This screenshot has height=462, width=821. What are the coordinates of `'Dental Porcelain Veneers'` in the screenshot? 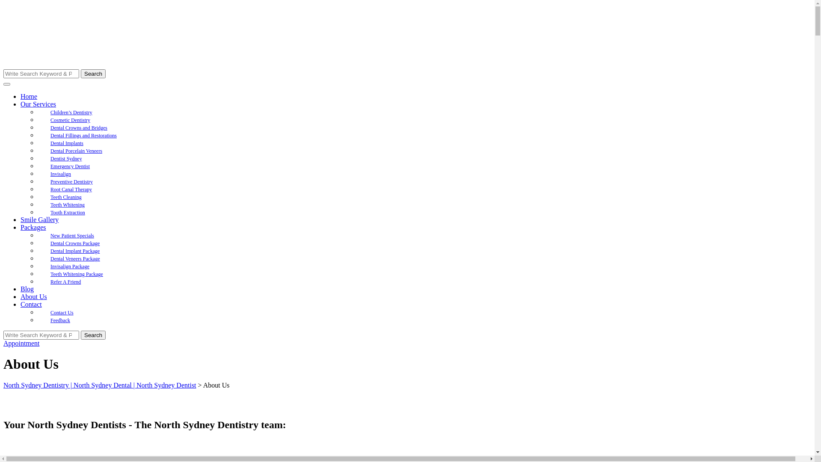 It's located at (76, 151).